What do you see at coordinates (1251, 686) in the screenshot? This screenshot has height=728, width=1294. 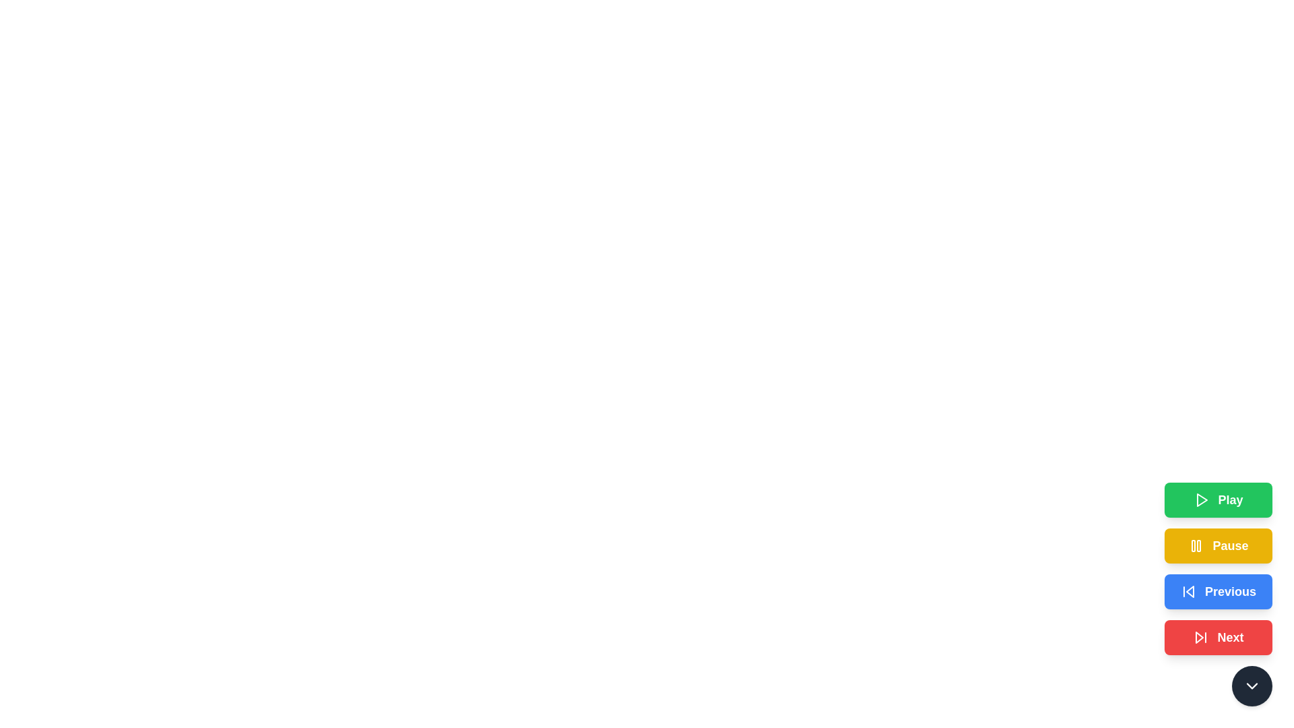 I see `the downward chevron button to toggle the visibility of the control panel` at bounding box center [1251, 686].